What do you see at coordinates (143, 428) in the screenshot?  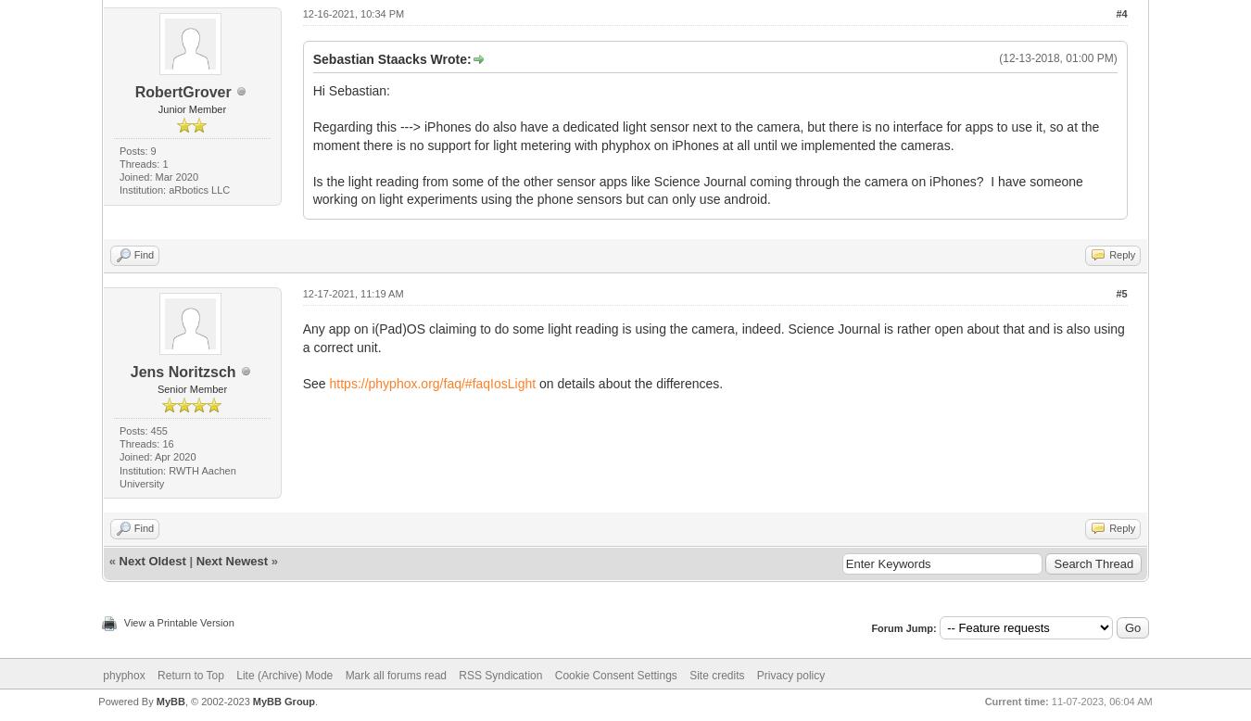 I see `'Posts: 455'` at bounding box center [143, 428].